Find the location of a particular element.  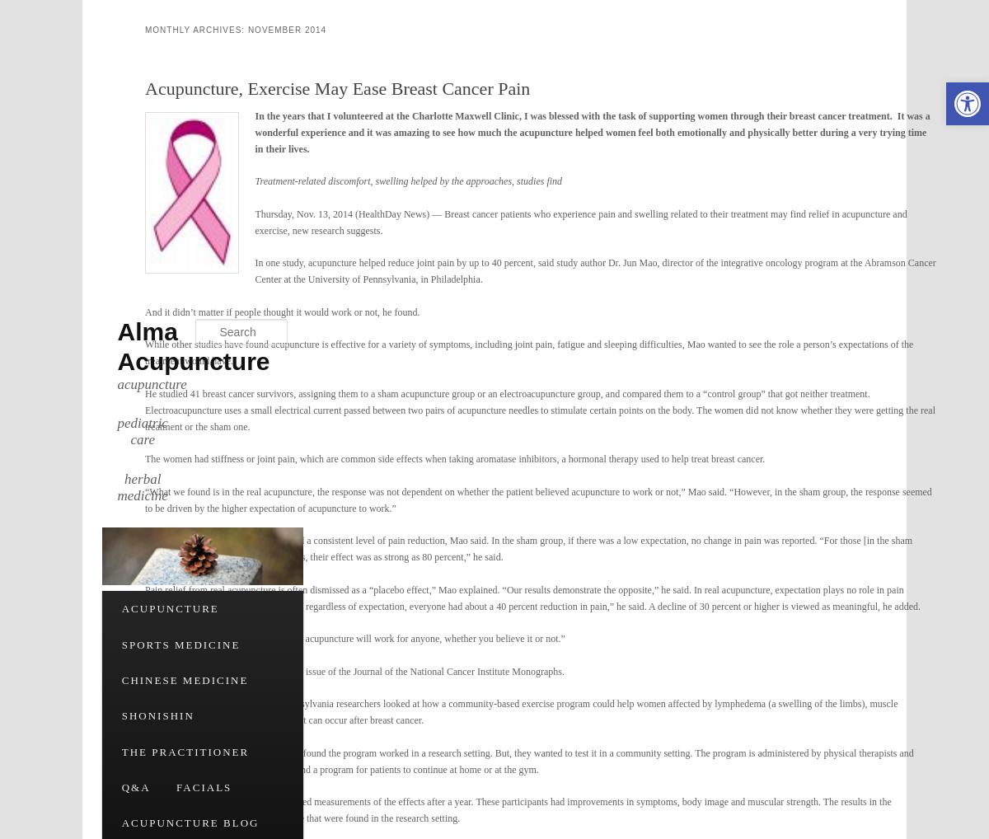

'Monthly Archives:' is located at coordinates (144, 29).